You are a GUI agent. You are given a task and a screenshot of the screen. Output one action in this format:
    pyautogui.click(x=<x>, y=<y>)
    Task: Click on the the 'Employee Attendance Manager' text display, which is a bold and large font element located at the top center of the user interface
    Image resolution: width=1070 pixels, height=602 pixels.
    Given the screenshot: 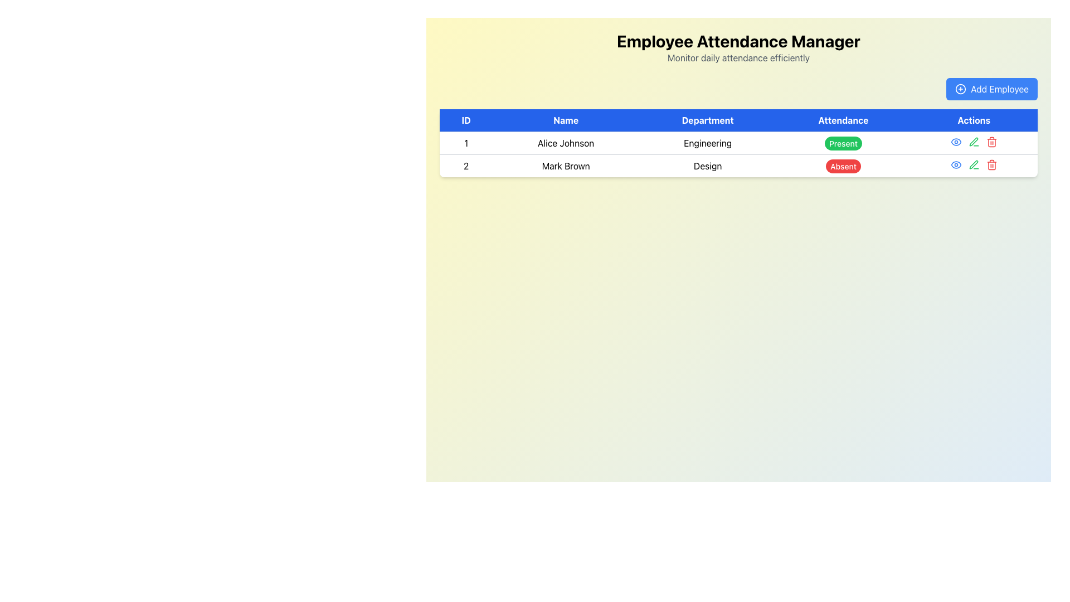 What is the action you would take?
    pyautogui.click(x=738, y=40)
    